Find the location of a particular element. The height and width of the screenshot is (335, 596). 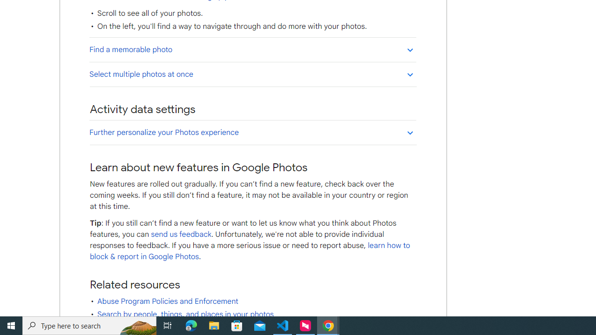

'learn how to block & report in Google Photos' is located at coordinates (250, 251).